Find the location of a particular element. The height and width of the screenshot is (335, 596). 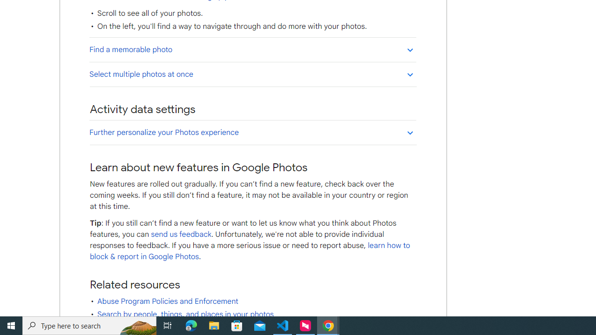

'learn how to block & report in Google Photos' is located at coordinates (250, 251).